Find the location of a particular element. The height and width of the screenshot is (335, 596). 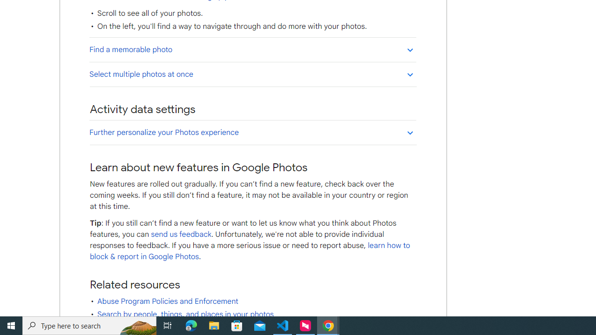

'learn how to block & report in Google Photos' is located at coordinates (250, 251).